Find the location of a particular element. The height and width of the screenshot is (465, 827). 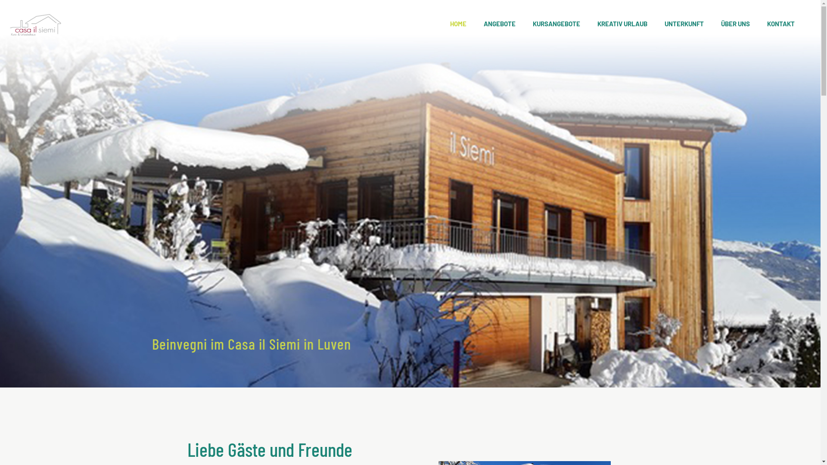

'UNTERKUNFT' is located at coordinates (655, 23).